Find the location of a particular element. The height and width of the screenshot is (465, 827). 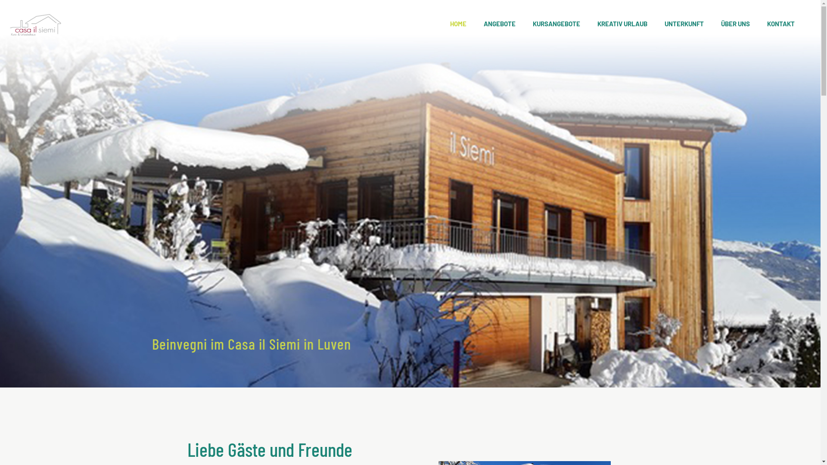

'UNTERKUNFT' is located at coordinates (655, 23).